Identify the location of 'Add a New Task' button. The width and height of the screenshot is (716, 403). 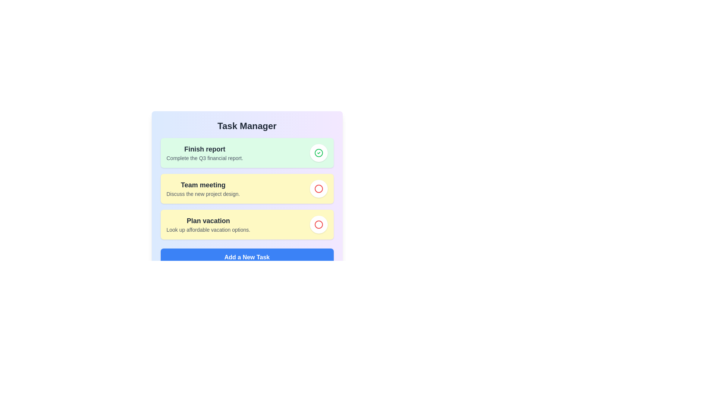
(247, 257).